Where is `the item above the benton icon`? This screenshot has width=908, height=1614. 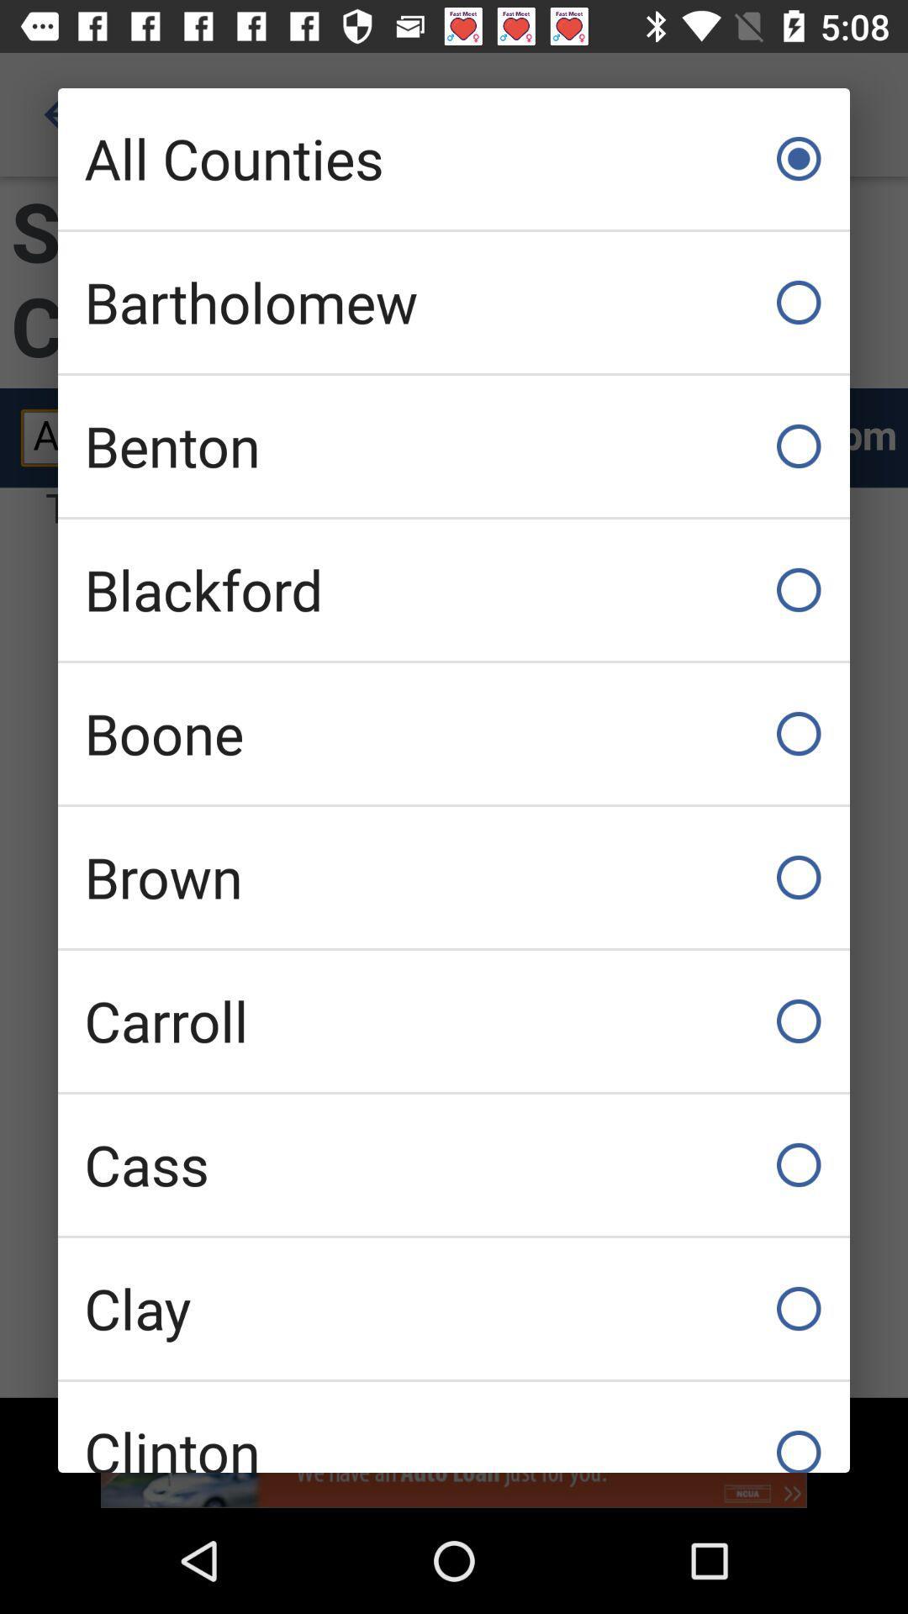
the item above the benton icon is located at coordinates (454, 303).